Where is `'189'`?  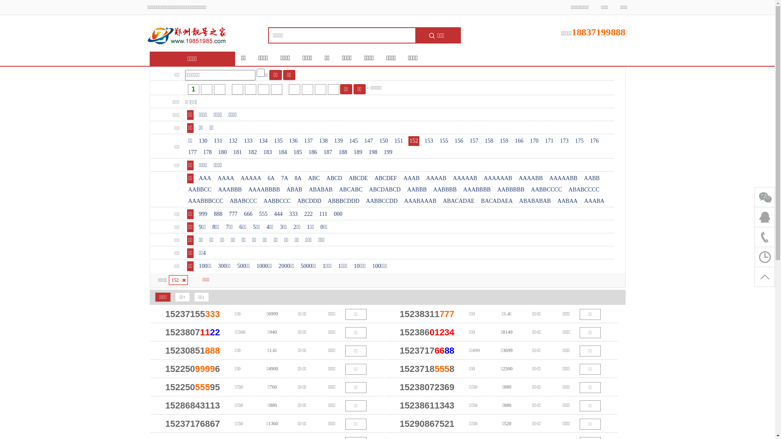 '189' is located at coordinates (358, 152).